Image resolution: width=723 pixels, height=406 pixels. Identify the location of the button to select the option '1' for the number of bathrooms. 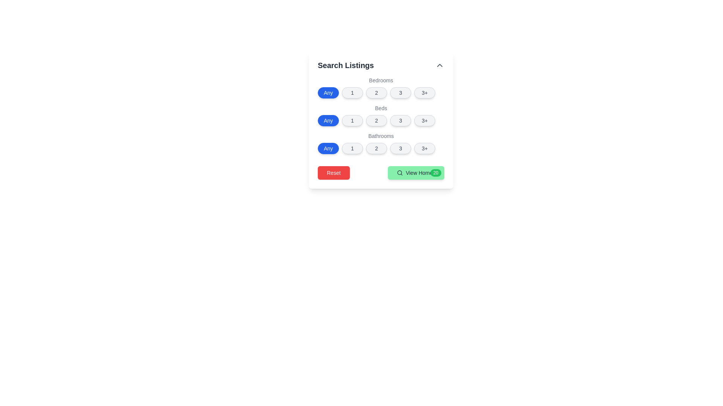
(352, 148).